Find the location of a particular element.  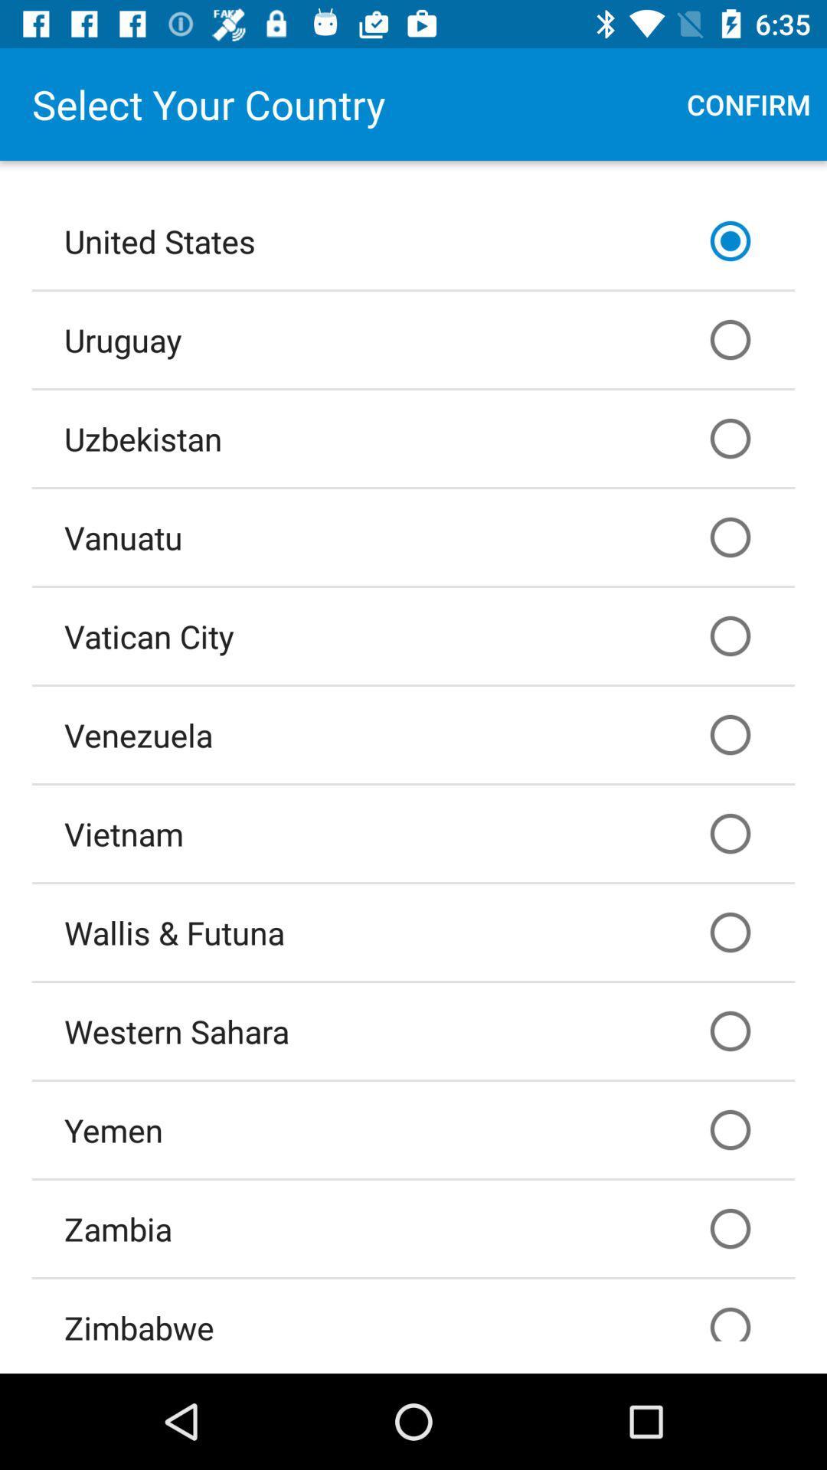

the item above the wallis & futuna icon is located at coordinates (413, 833).